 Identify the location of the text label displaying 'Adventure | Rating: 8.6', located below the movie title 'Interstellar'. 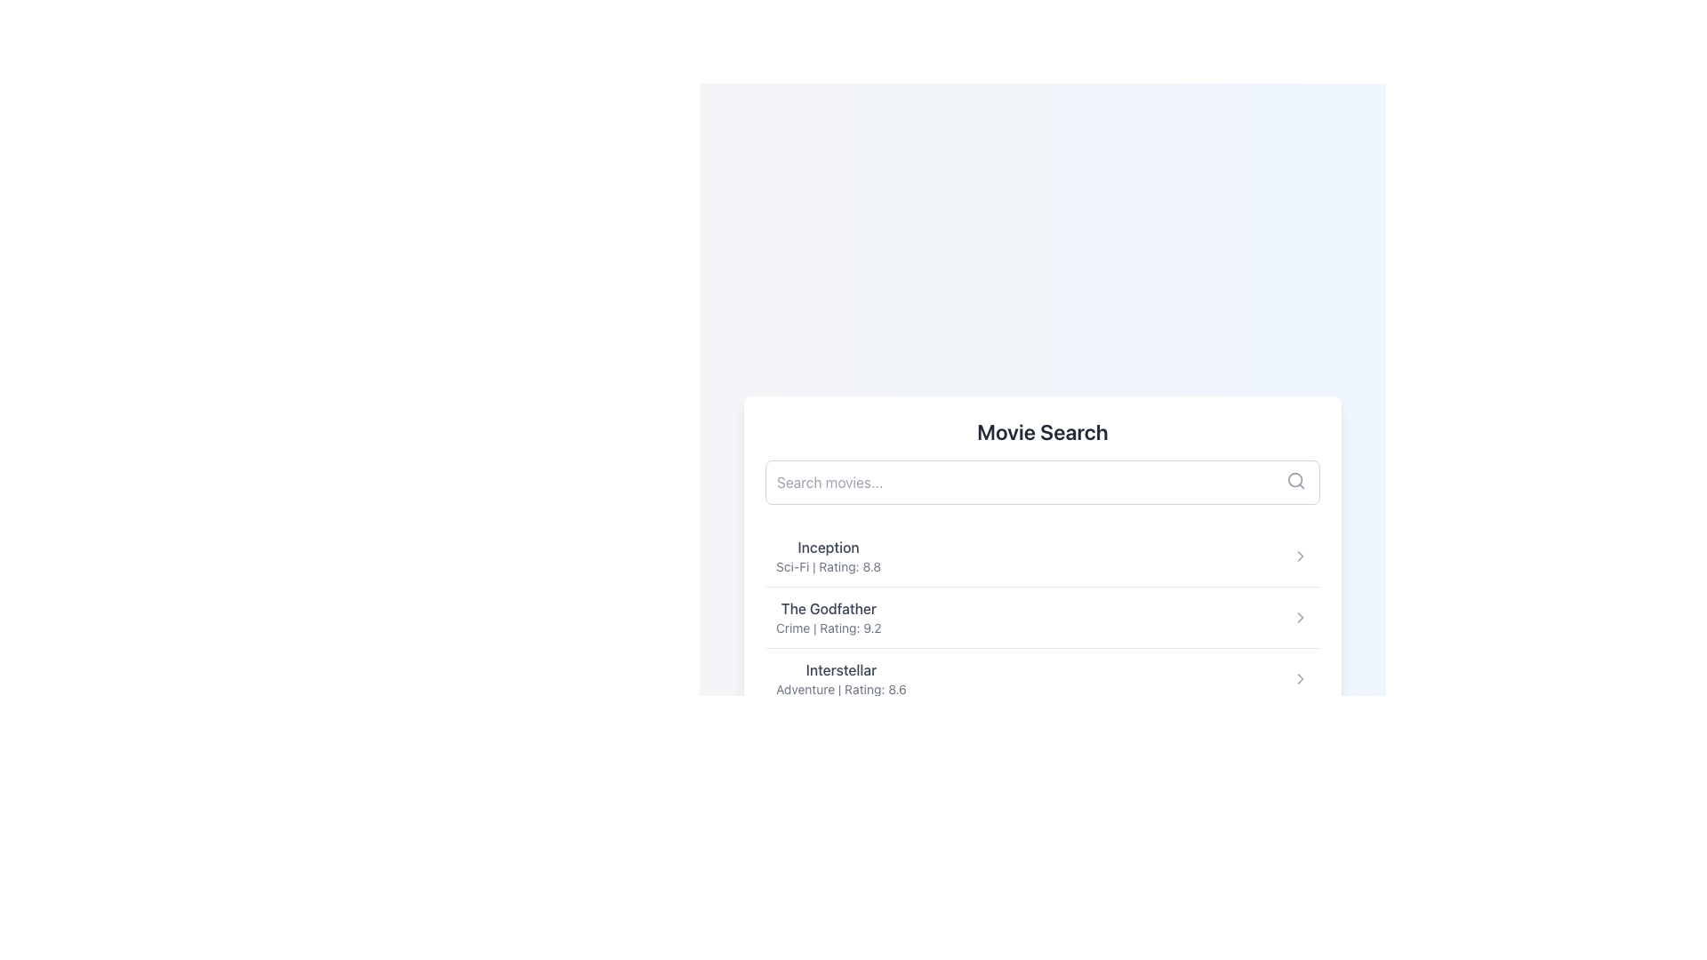
(840, 688).